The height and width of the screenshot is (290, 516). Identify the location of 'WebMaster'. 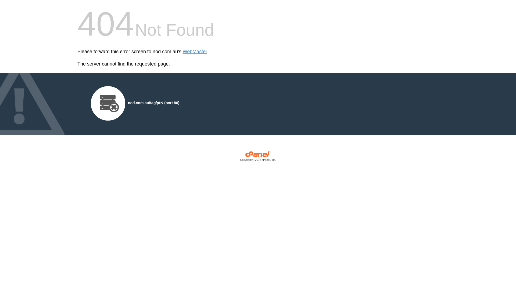
(195, 52).